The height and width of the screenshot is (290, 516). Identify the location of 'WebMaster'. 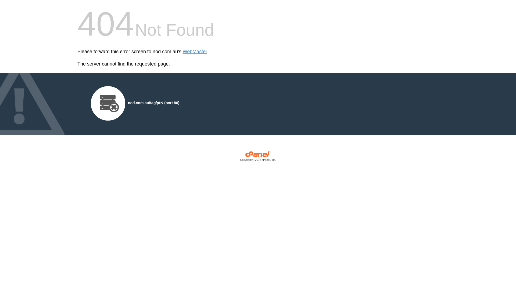
(195, 52).